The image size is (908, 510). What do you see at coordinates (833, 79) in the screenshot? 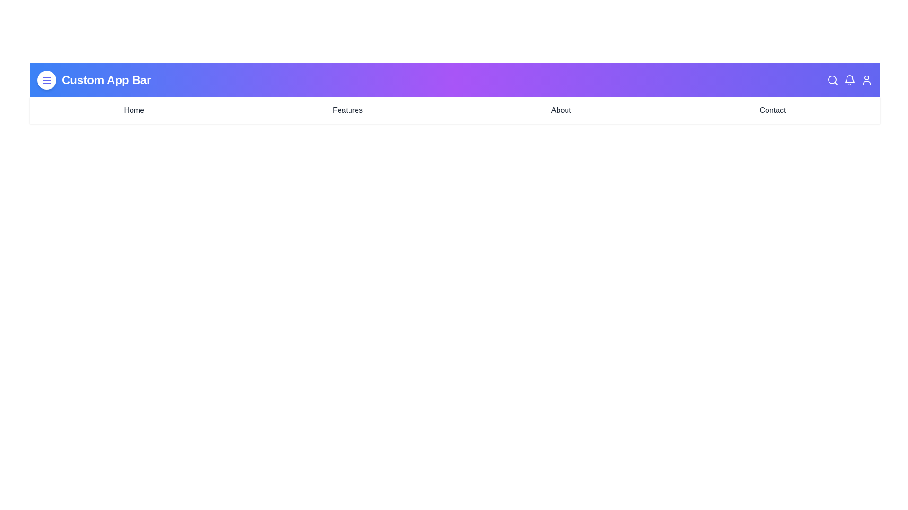
I see `the search icon to activate its functionality` at bounding box center [833, 79].